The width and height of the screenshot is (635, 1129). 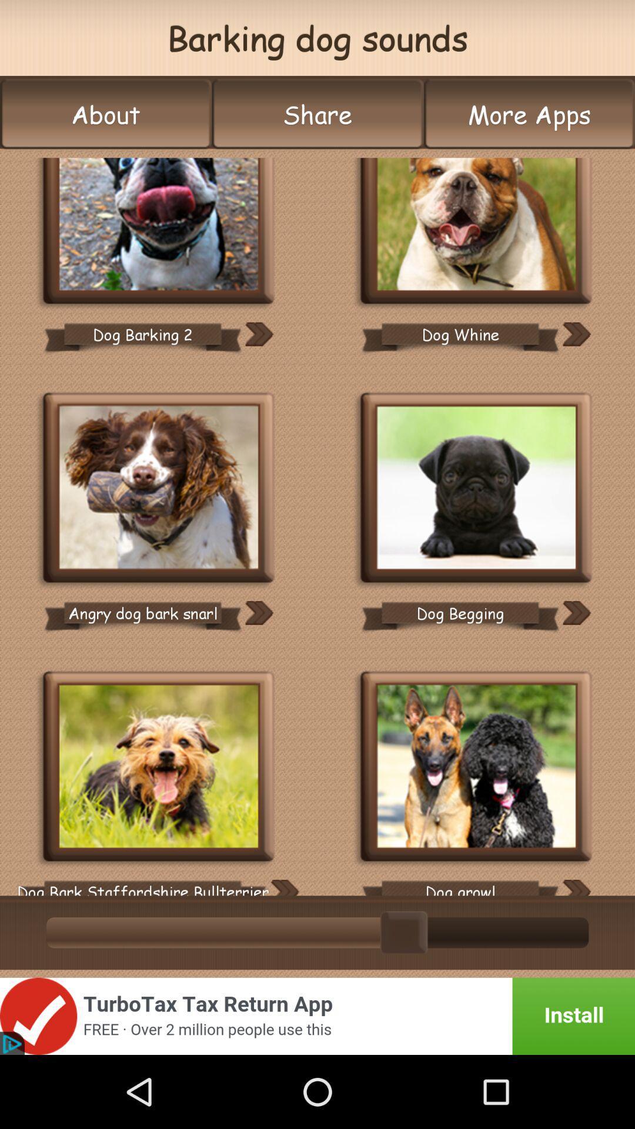 I want to click on profile, so click(x=159, y=232).